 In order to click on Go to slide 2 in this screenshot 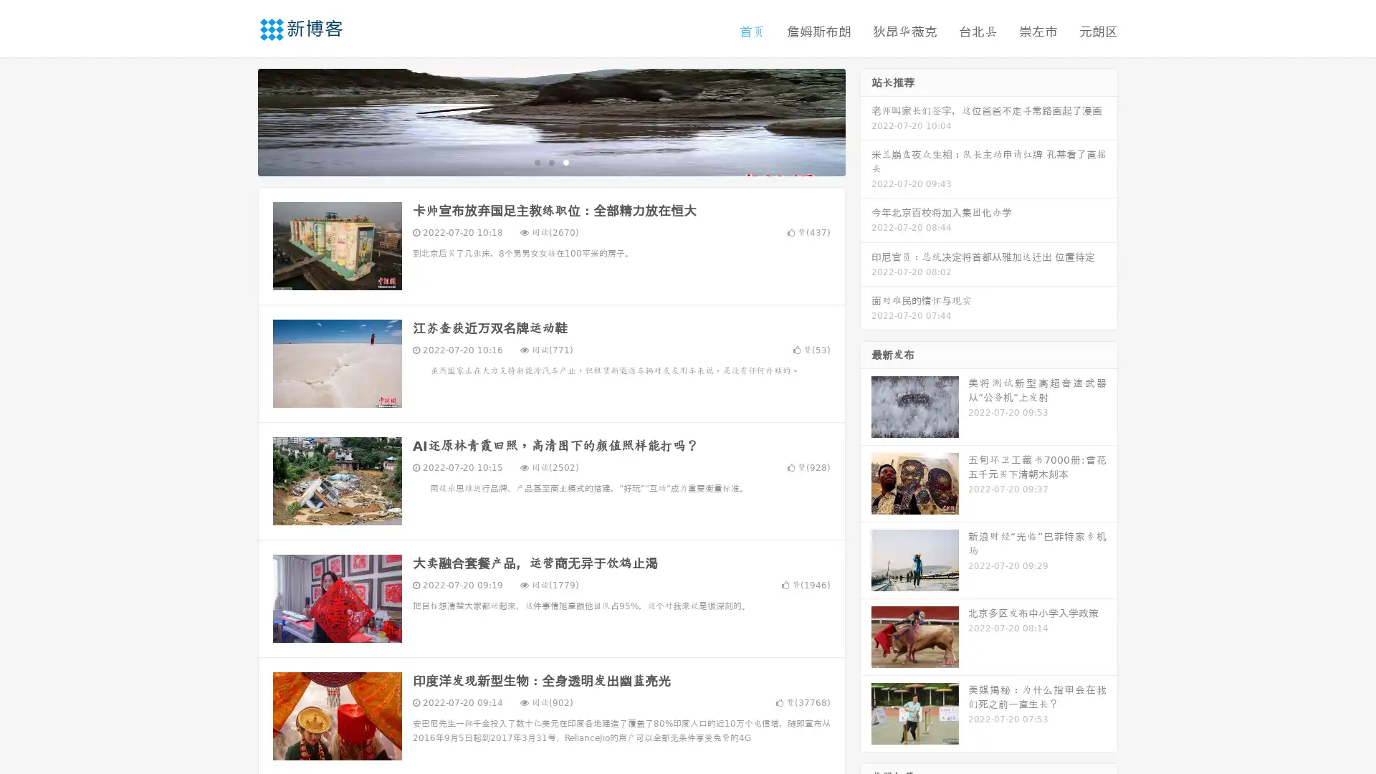, I will do `click(550, 161)`.